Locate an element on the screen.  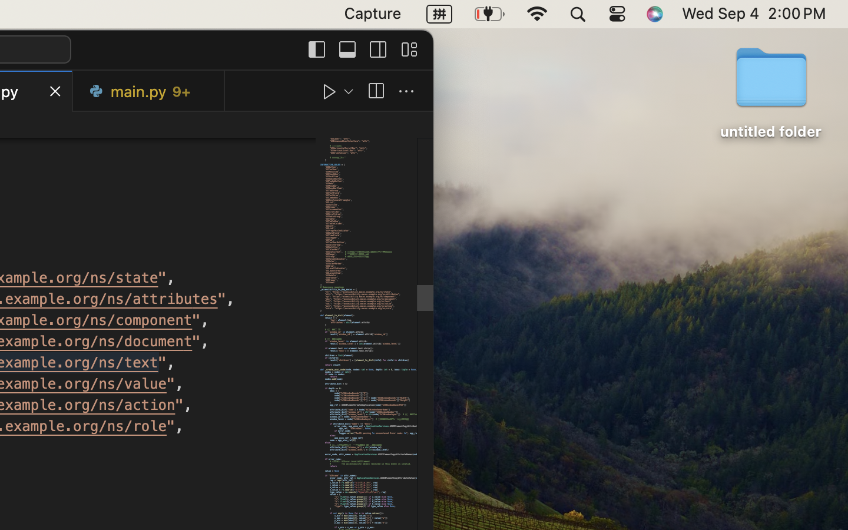
'' is located at coordinates (406, 91).